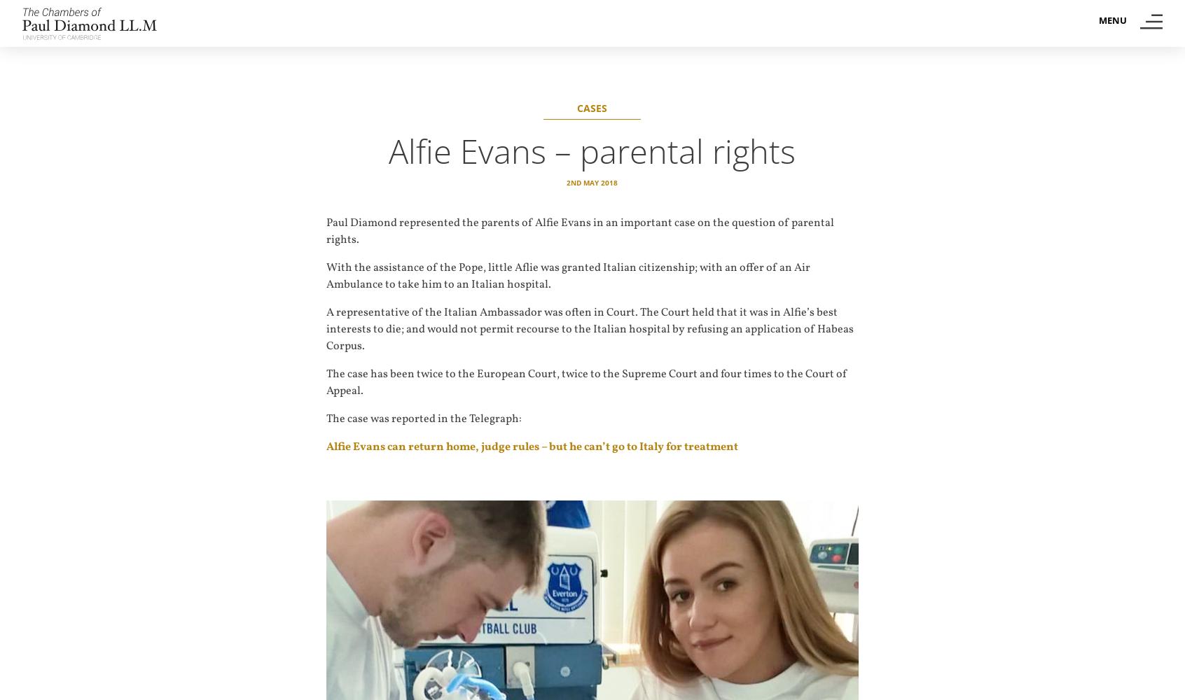  I want to click on 'Alfie Evans can return home, judge rules – but he can’t go to Italy for treatment', so click(532, 447).